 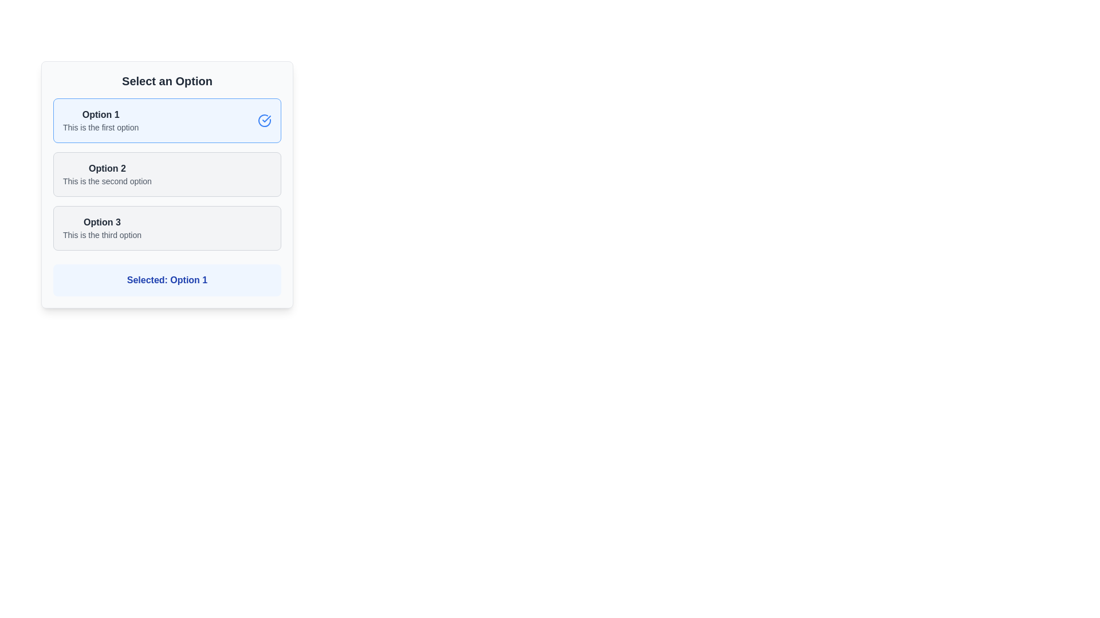 I want to click on the blue circular checkmark icon representing the selected state inside 'Option 1', so click(x=264, y=121).